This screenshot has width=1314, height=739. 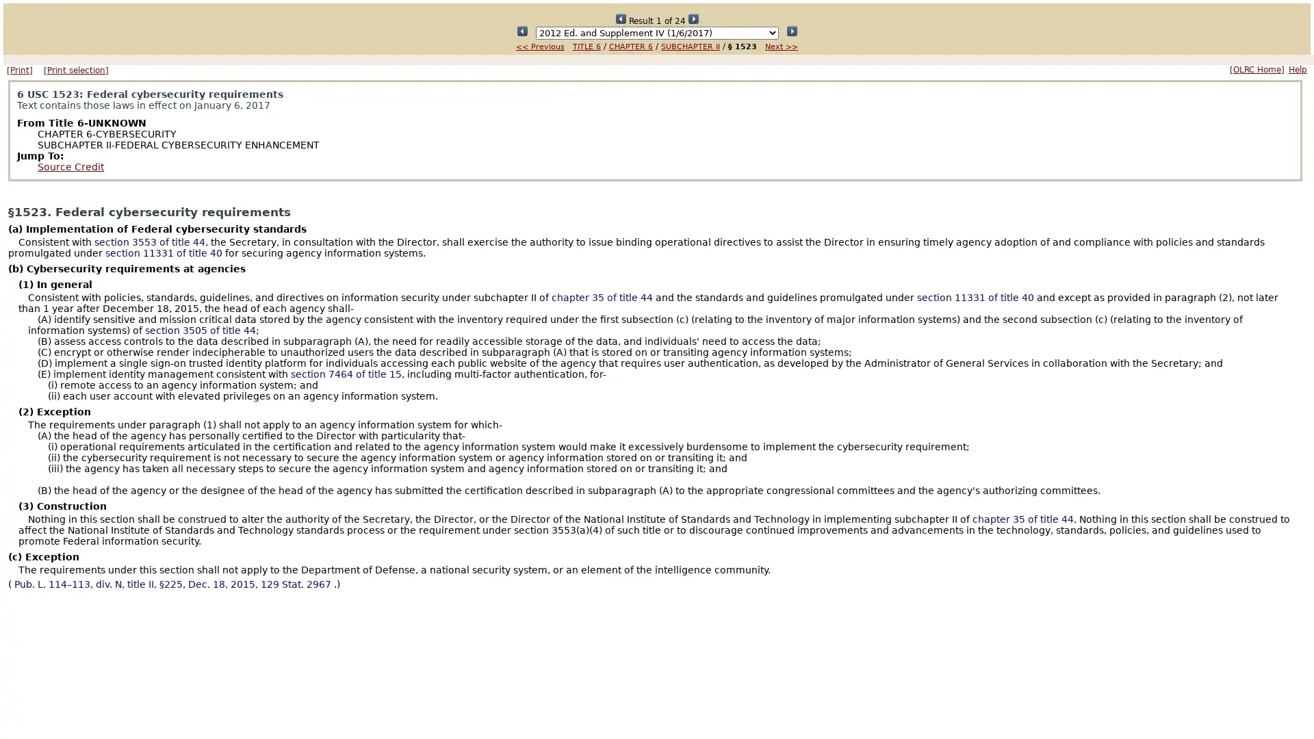 I want to click on Submit, so click(x=521, y=31).